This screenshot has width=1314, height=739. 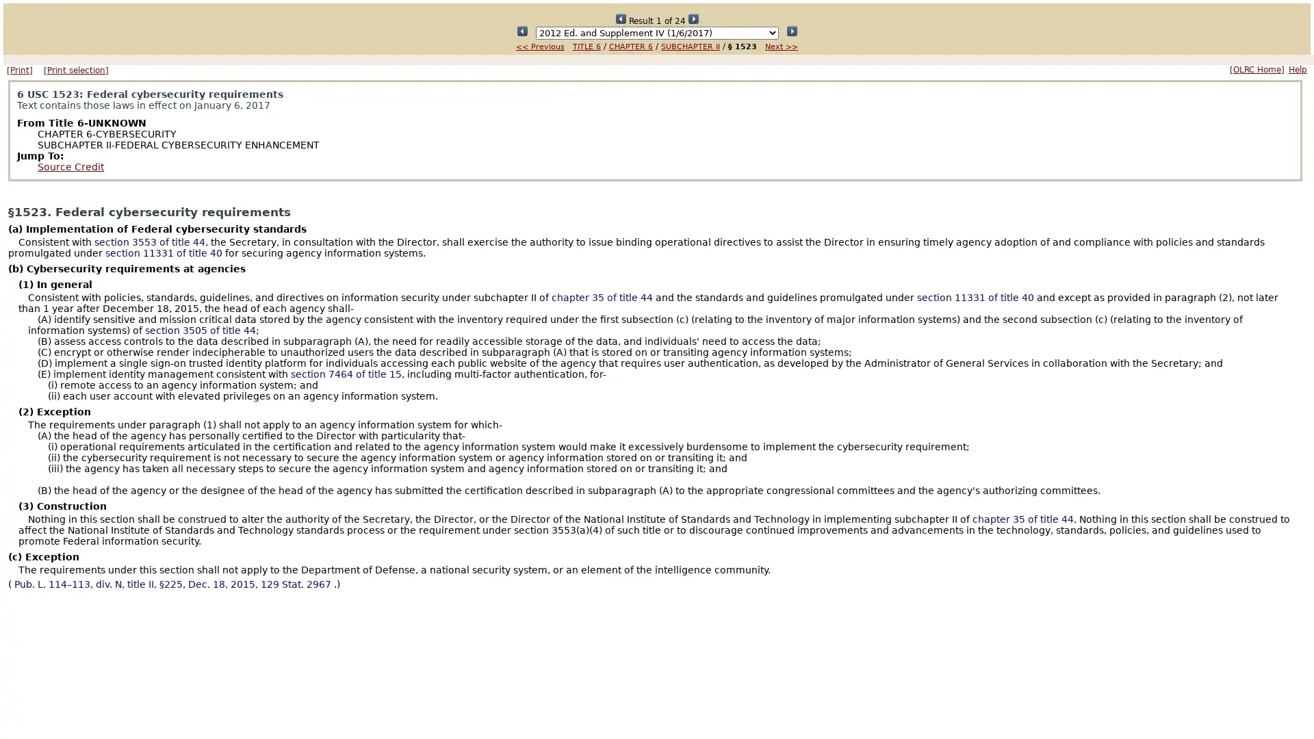 I want to click on Submit, so click(x=521, y=31).